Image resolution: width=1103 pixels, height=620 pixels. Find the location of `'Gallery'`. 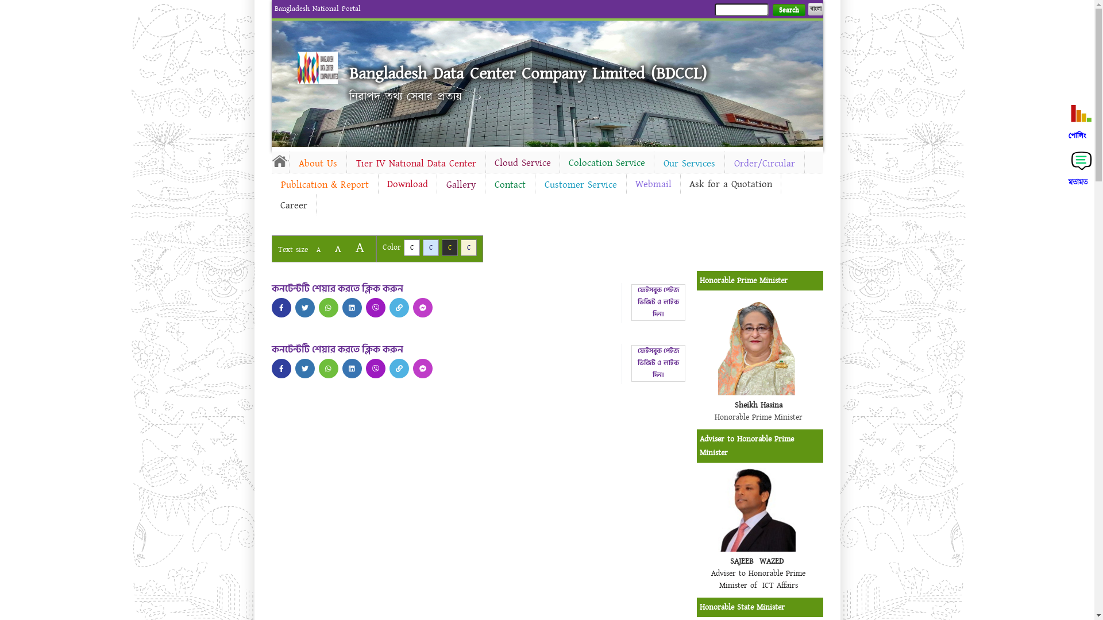

'Gallery' is located at coordinates (460, 184).